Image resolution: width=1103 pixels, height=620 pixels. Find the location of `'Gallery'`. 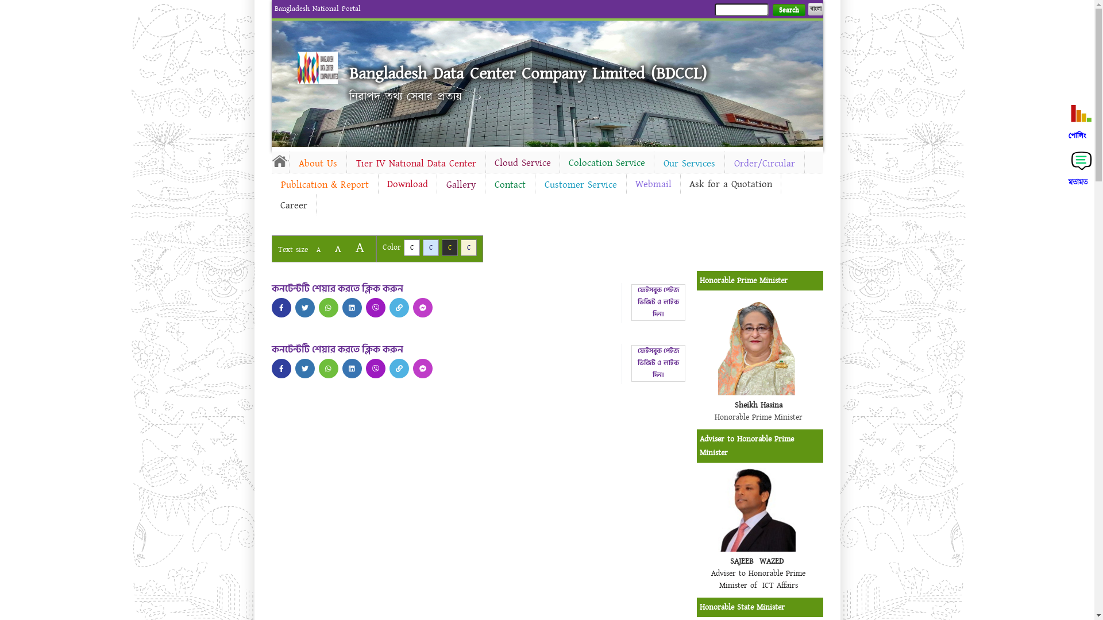

'Gallery' is located at coordinates (460, 184).